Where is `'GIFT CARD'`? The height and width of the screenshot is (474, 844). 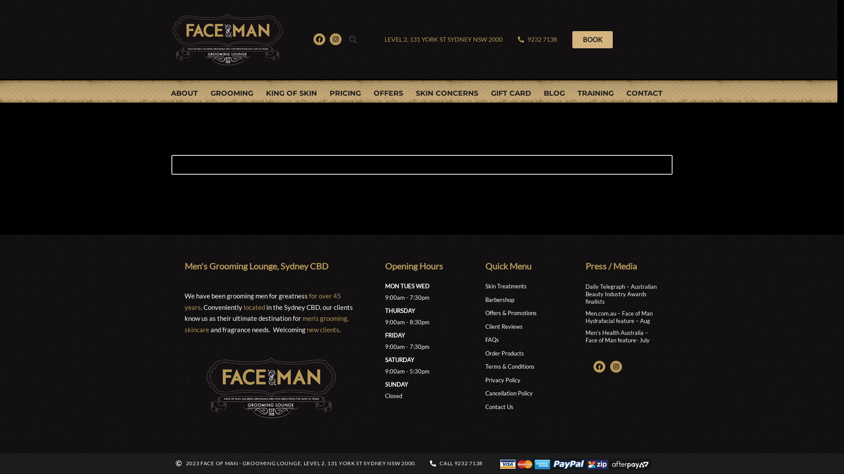
'GIFT CARD' is located at coordinates (510, 93).